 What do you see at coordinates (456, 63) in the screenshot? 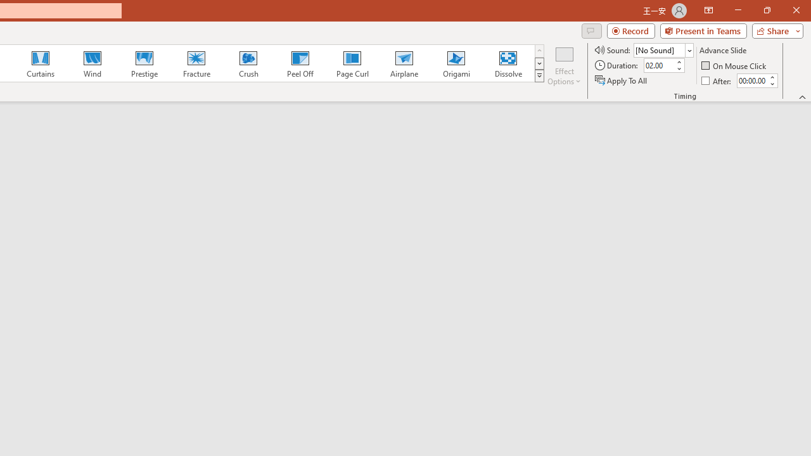
I see `'Origami'` at bounding box center [456, 63].